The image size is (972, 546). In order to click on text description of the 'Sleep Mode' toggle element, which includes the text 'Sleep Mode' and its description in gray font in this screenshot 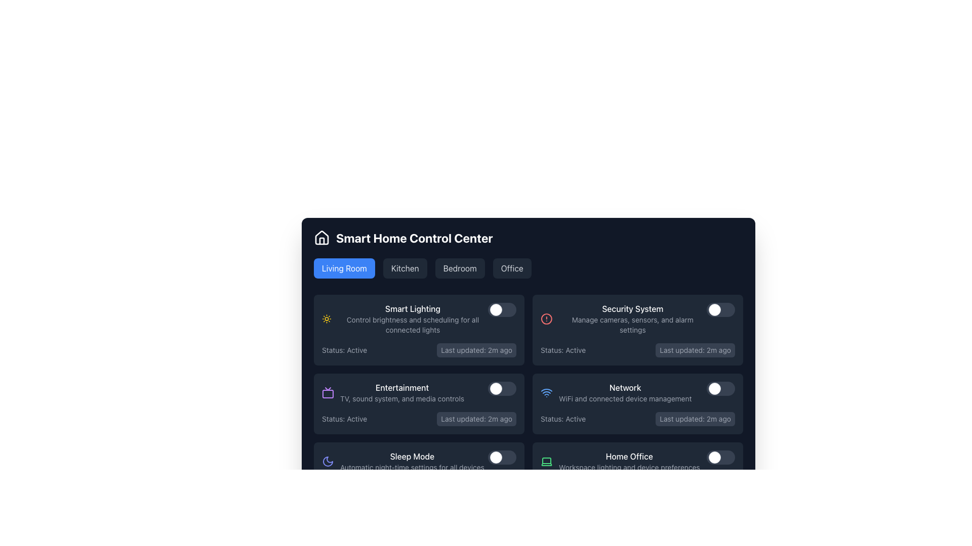, I will do `click(419, 462)`.